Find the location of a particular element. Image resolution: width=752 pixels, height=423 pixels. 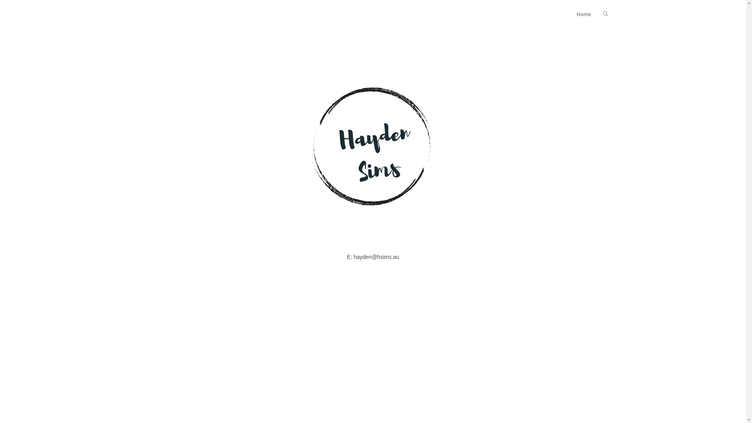

'Toggle website search' is located at coordinates (605, 14).